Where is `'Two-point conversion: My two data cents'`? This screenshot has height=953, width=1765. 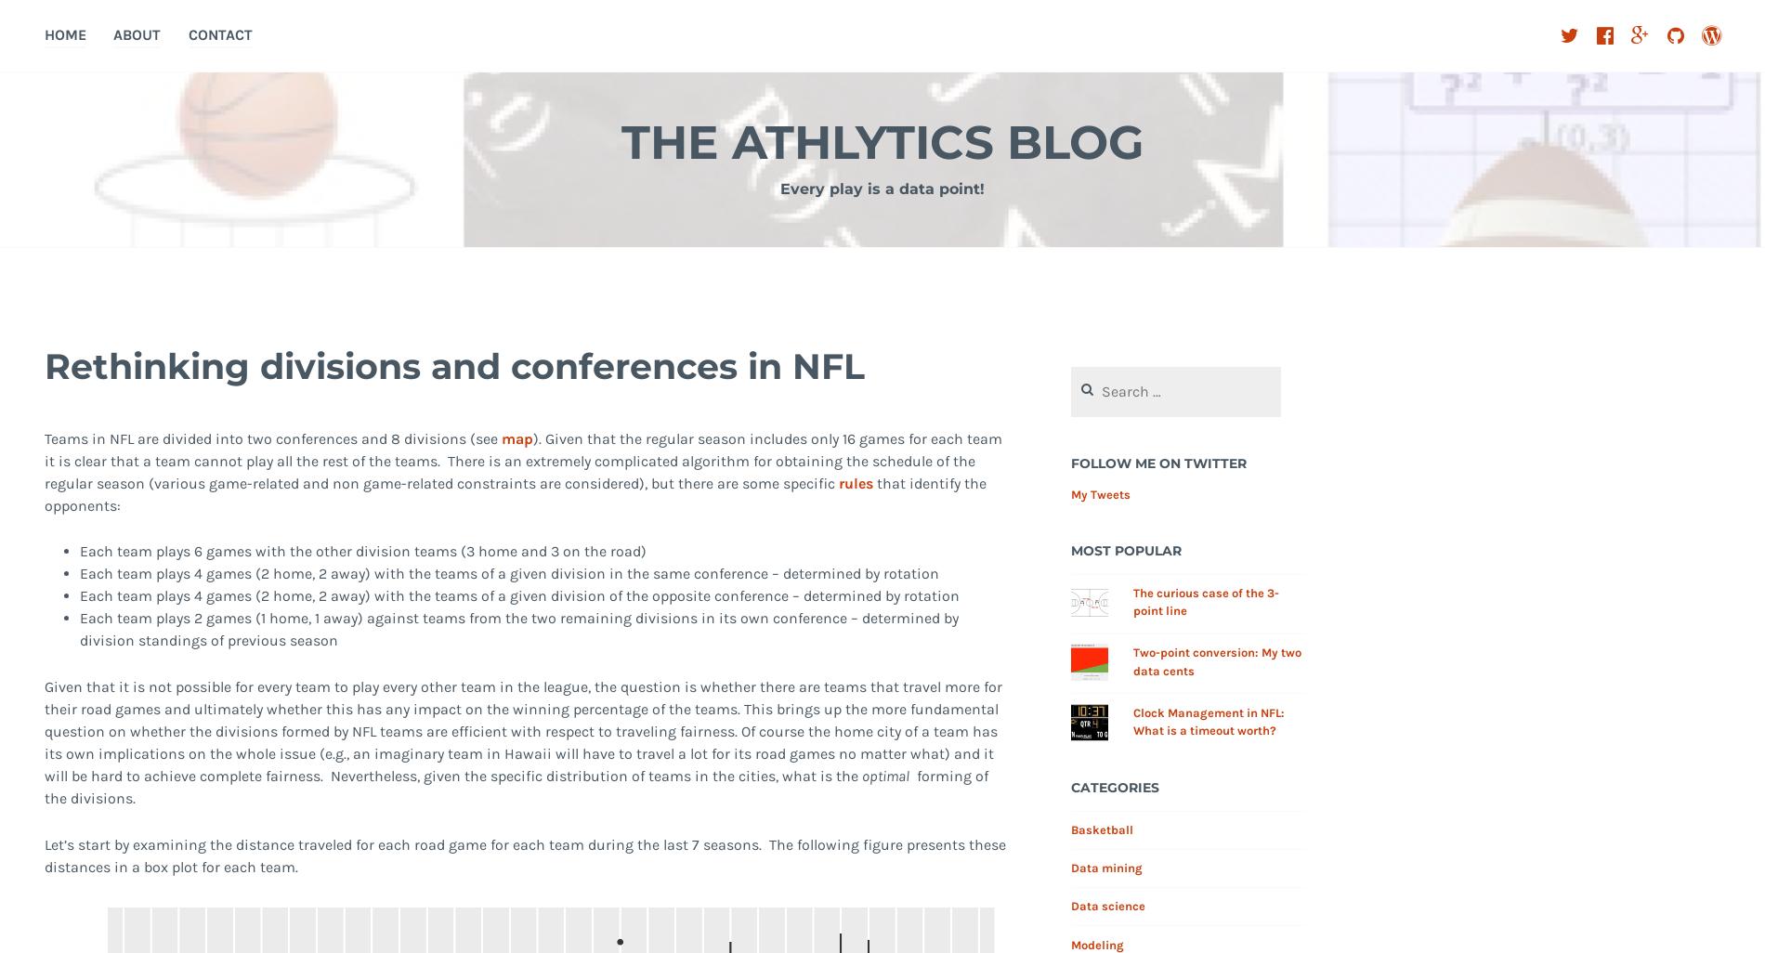 'Two-point conversion: My two data cents' is located at coordinates (1216, 660).